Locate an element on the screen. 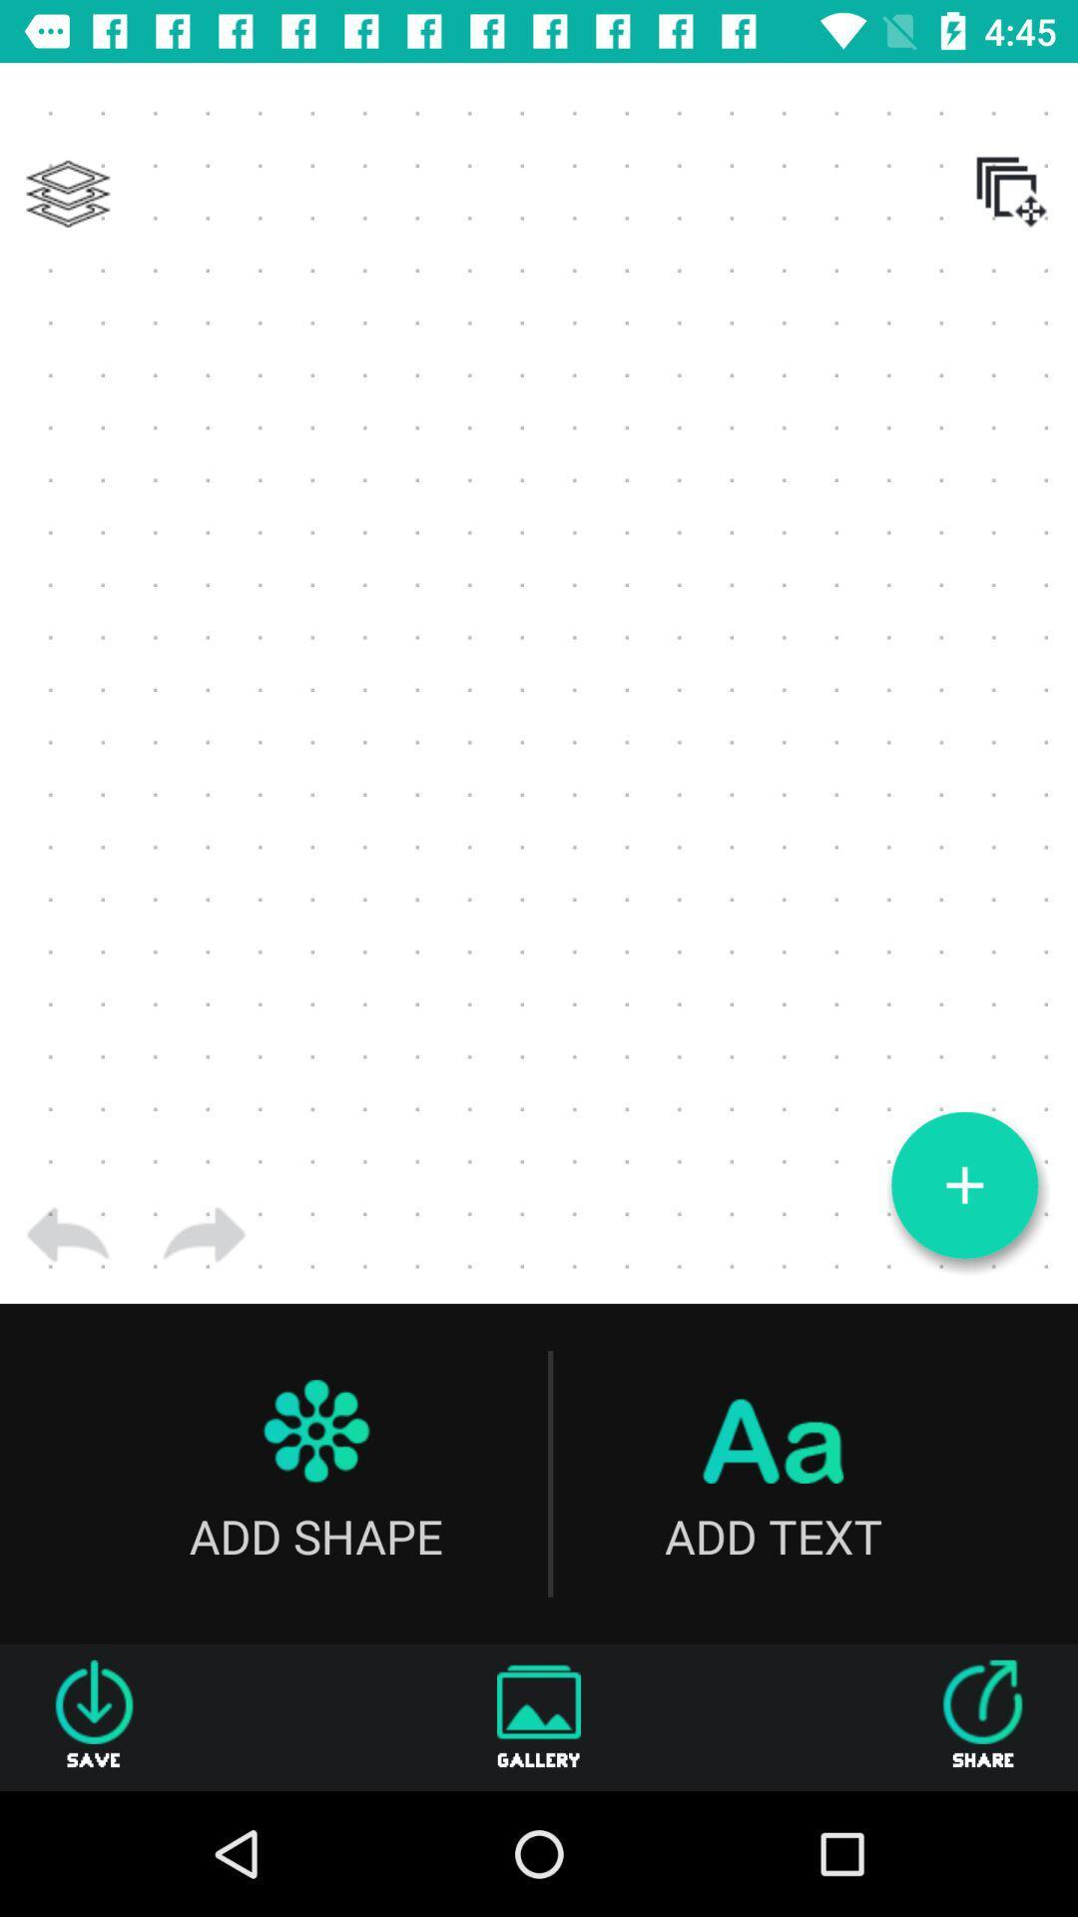 Image resolution: width=1078 pixels, height=1917 pixels. the add shape is located at coordinates (314, 1474).